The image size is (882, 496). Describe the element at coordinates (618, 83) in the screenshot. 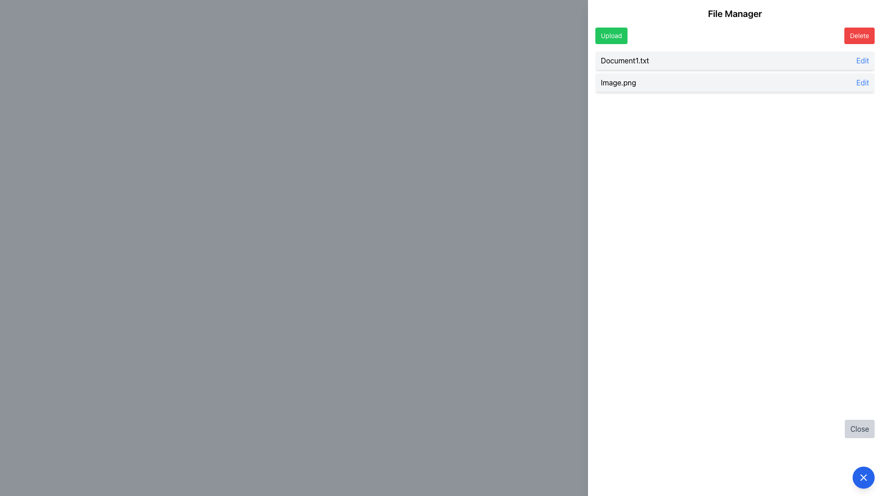

I see `on the Static Text Label displaying the name of a file` at that location.